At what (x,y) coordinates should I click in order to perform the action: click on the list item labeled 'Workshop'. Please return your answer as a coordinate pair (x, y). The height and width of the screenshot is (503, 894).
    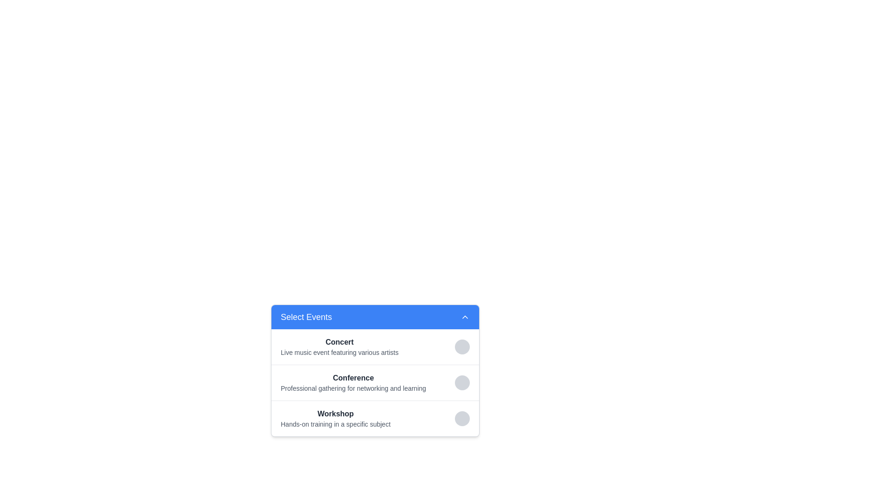
    Looking at the image, I should click on (375, 418).